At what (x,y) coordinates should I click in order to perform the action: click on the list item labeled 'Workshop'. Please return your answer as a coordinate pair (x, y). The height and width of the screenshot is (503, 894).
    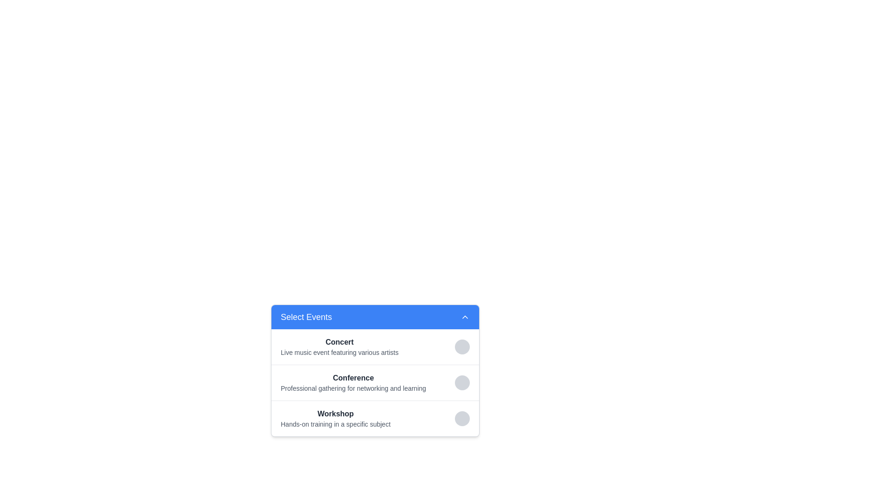
    Looking at the image, I should click on (375, 418).